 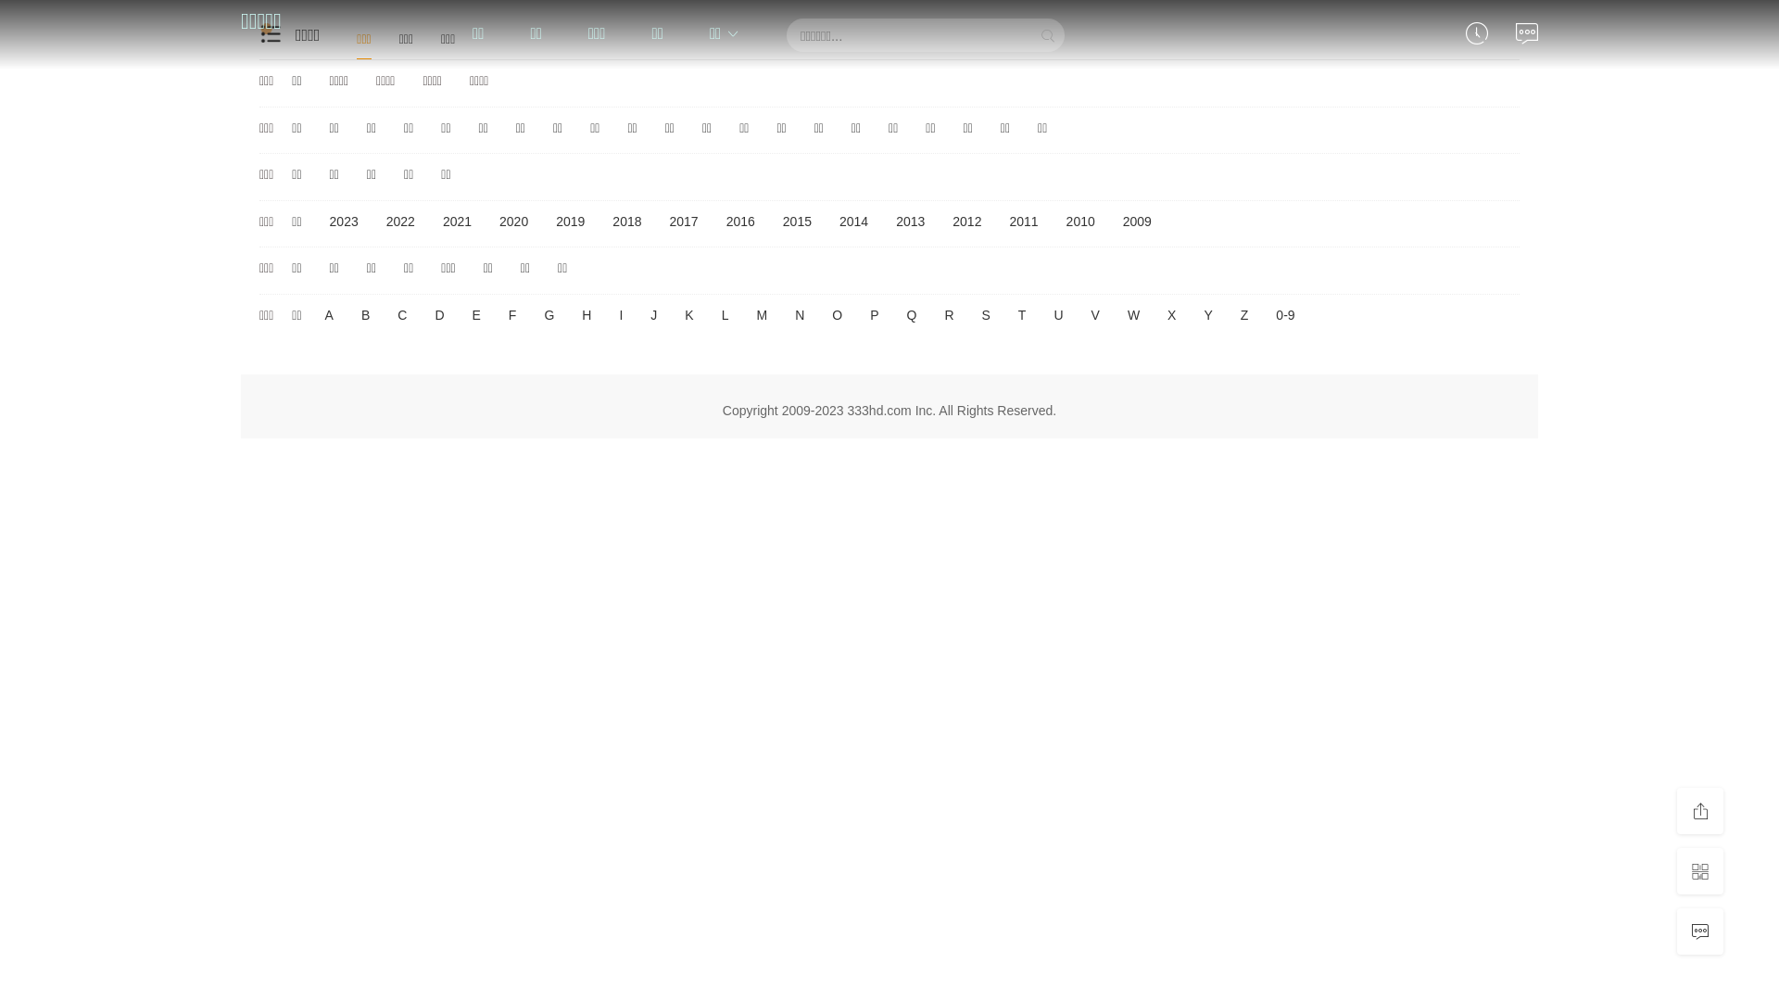 What do you see at coordinates (761, 314) in the screenshot?
I see `'M'` at bounding box center [761, 314].